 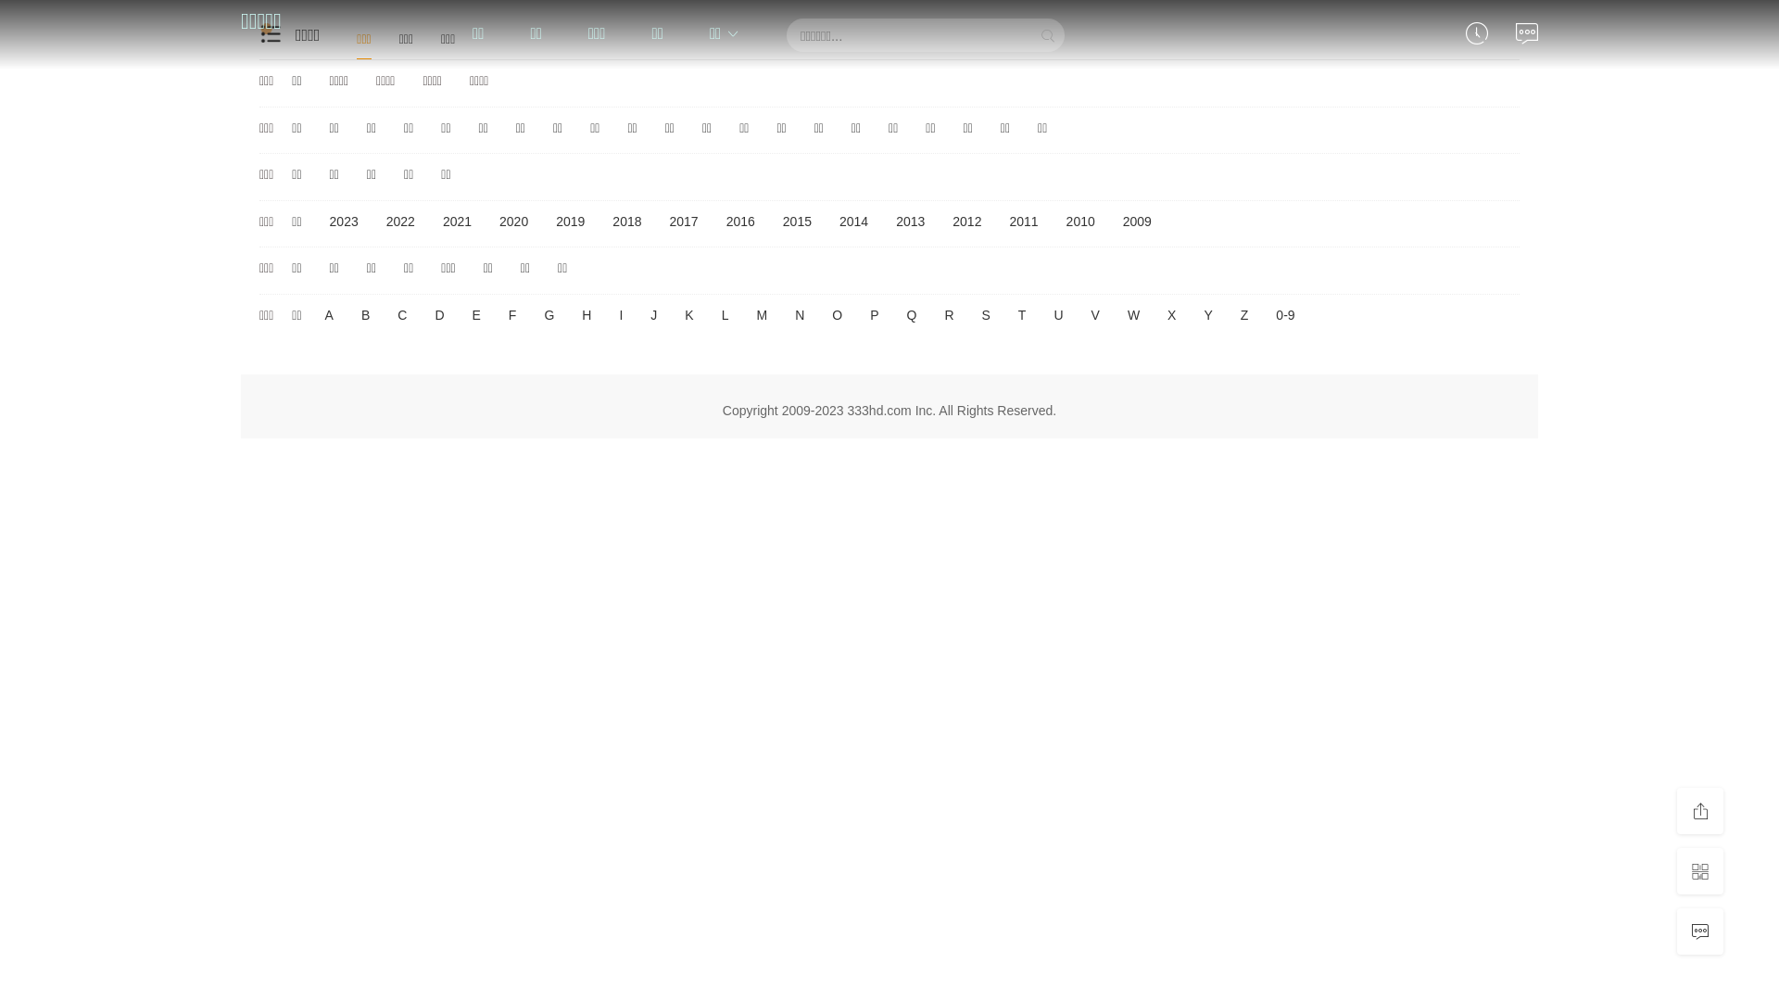 What do you see at coordinates (761, 314) in the screenshot?
I see `'M'` at bounding box center [761, 314].